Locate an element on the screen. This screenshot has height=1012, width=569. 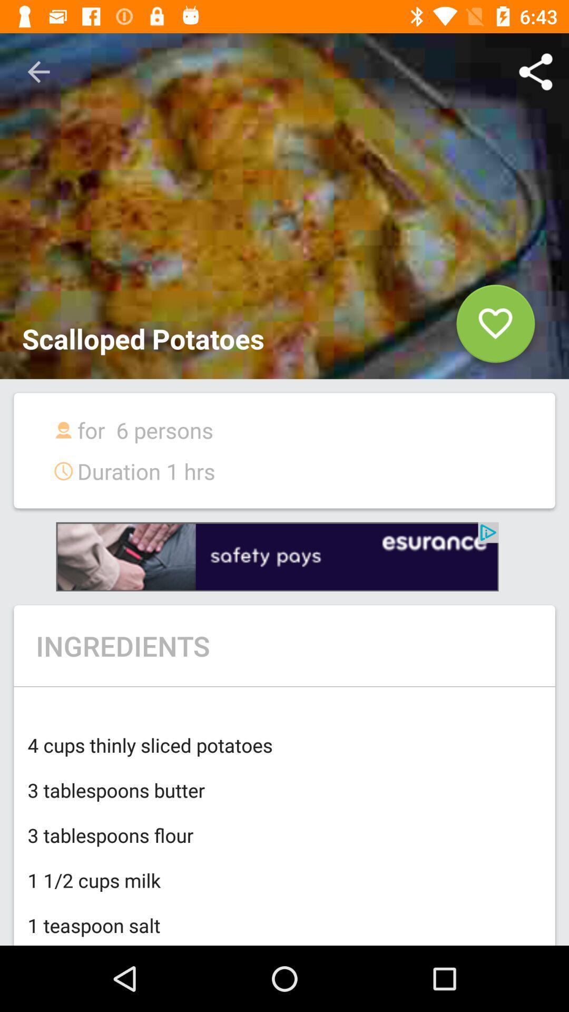
advertisement is located at coordinates (277, 556).